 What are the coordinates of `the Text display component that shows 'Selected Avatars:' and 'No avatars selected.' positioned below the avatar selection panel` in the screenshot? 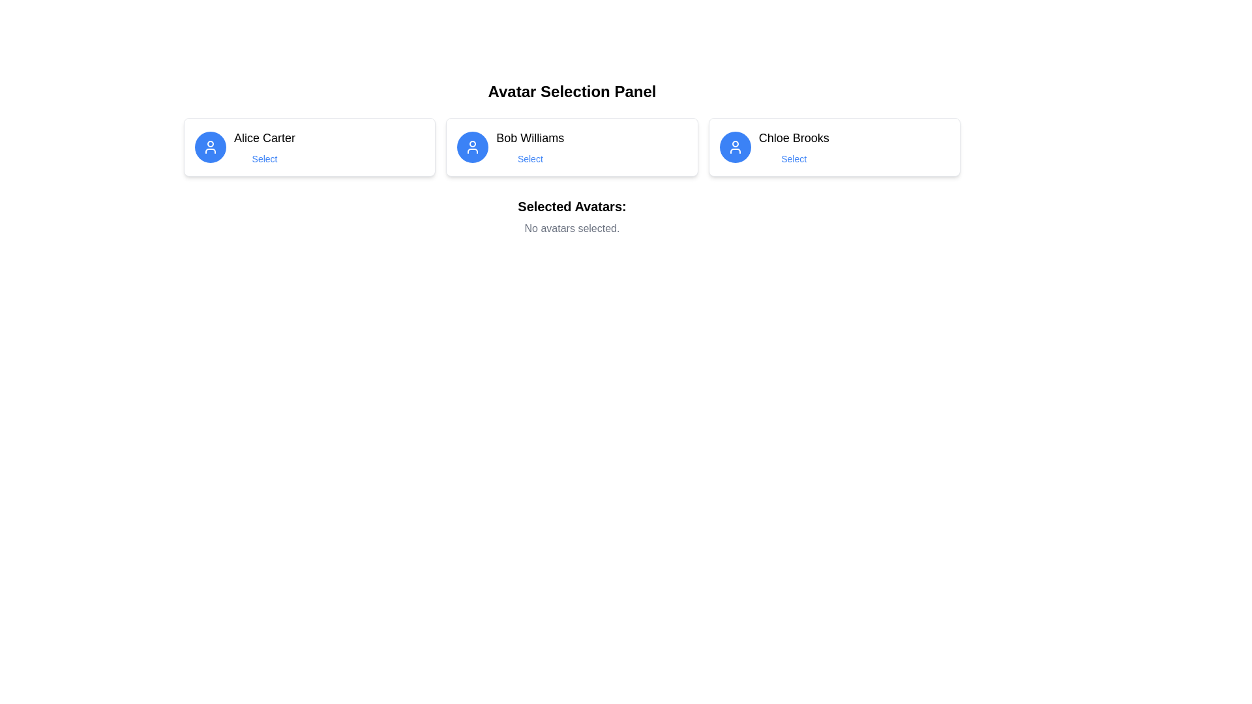 It's located at (572, 216).